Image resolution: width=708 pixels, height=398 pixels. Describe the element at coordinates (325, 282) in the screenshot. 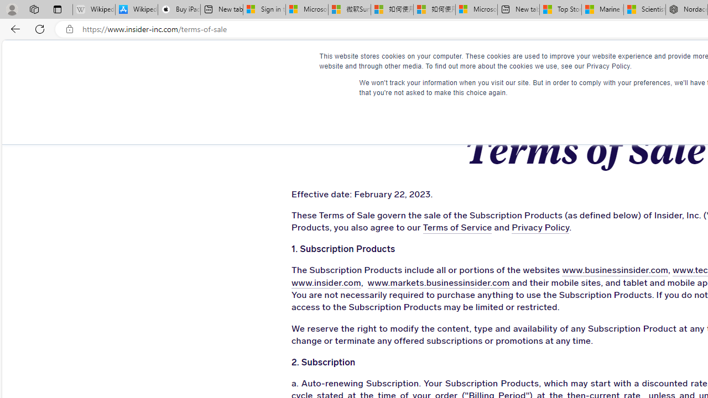

I see `'www.insider.com'` at that location.